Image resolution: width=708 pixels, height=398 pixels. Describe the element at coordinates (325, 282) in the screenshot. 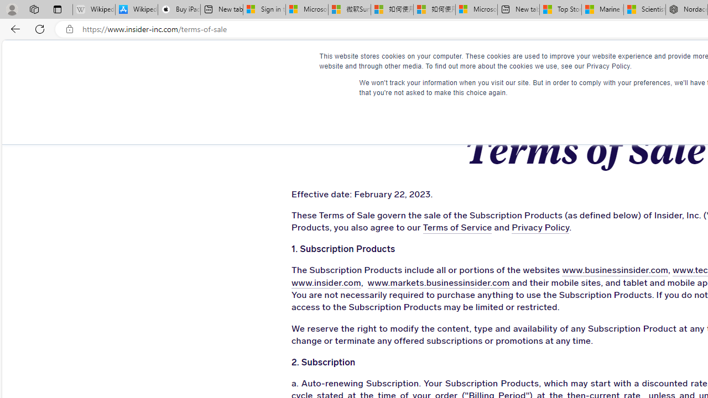

I see `'www.insider.com'` at that location.